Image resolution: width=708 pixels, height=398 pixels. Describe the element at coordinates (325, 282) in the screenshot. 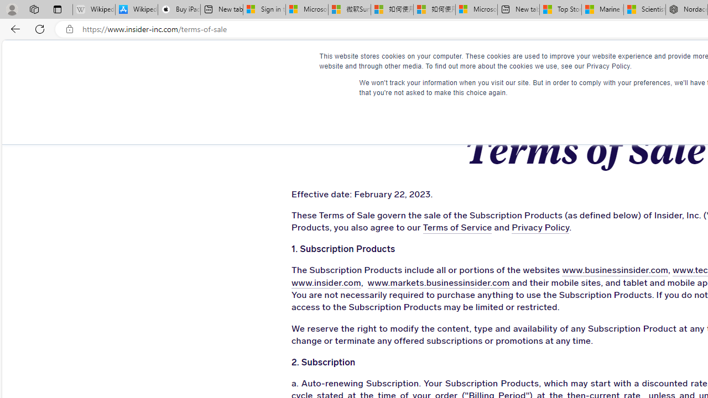

I see `'www.insider.com'` at that location.